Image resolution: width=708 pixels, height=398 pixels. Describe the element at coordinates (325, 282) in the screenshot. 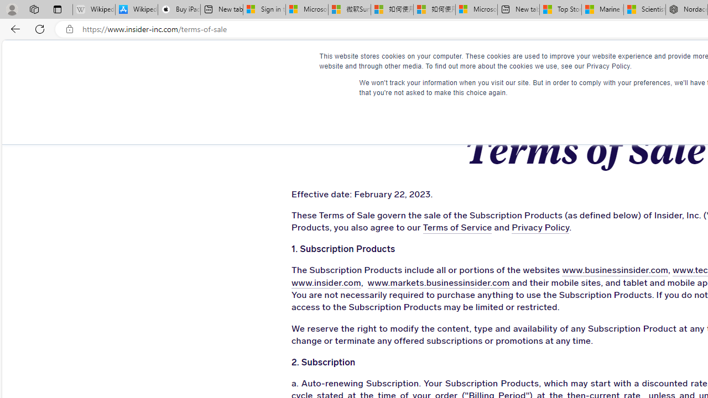

I see `'www.insider.com'` at that location.